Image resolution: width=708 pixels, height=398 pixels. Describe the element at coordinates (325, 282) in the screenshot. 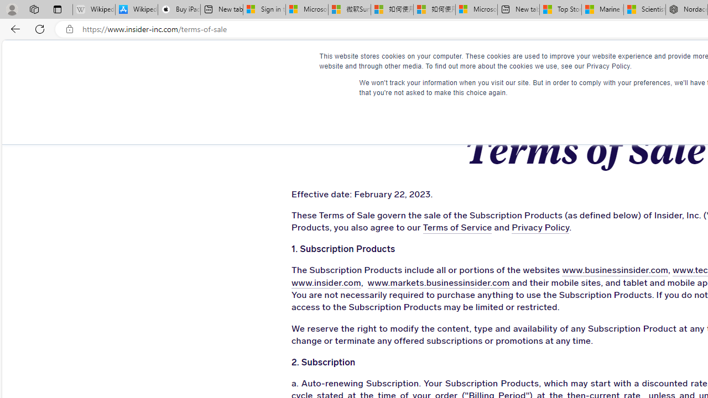

I see `'www.insider.com'` at that location.